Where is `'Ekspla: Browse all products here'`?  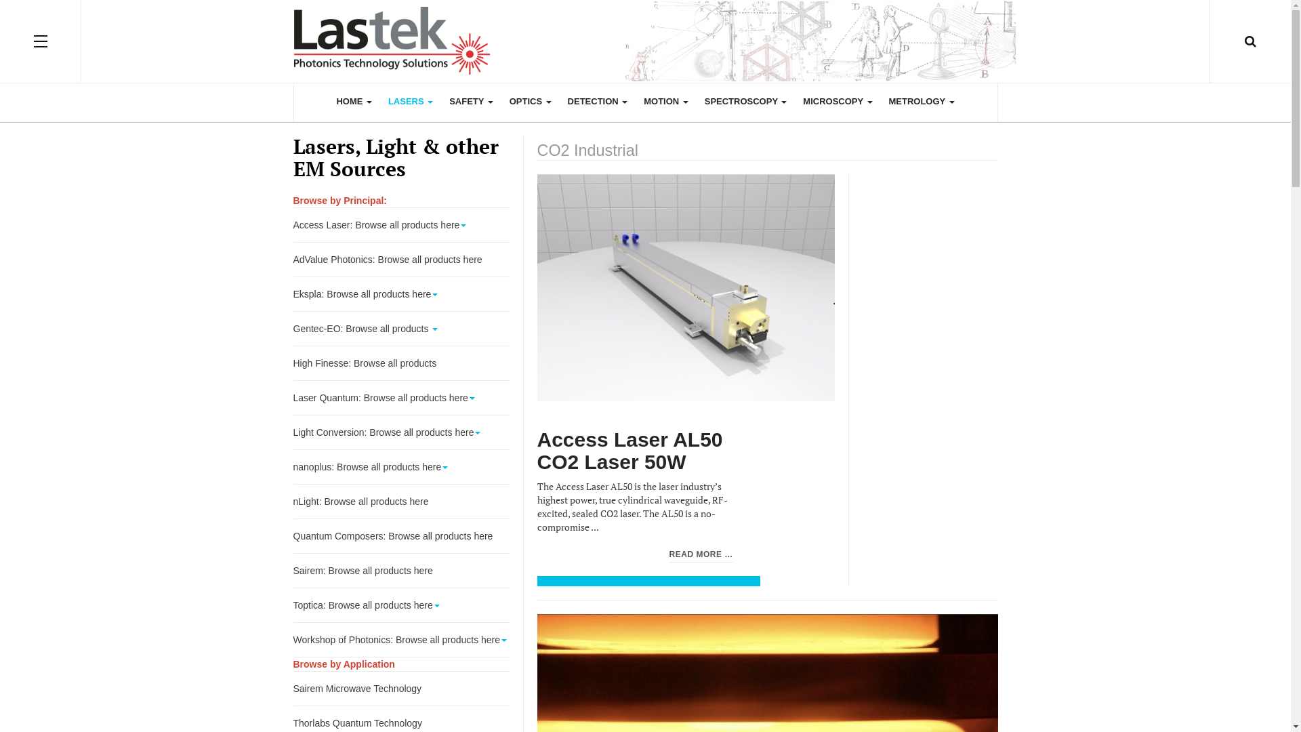
'Ekspla: Browse all products here' is located at coordinates (400, 293).